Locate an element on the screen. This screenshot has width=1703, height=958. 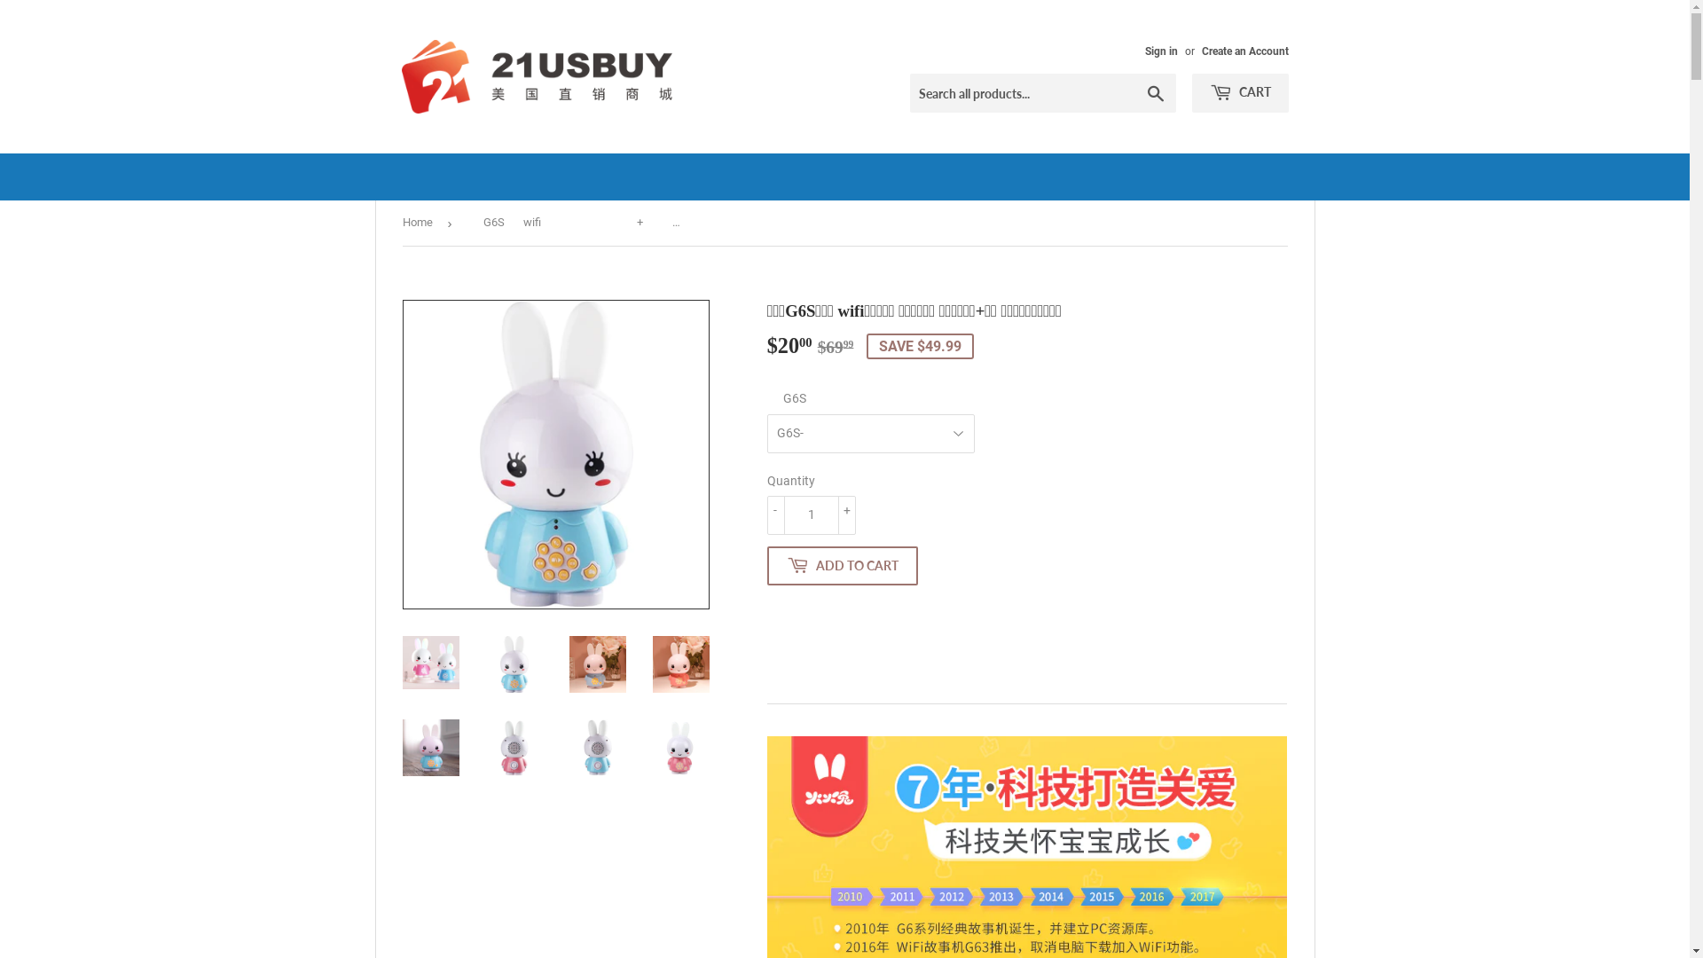
'Home' is located at coordinates (420, 222).